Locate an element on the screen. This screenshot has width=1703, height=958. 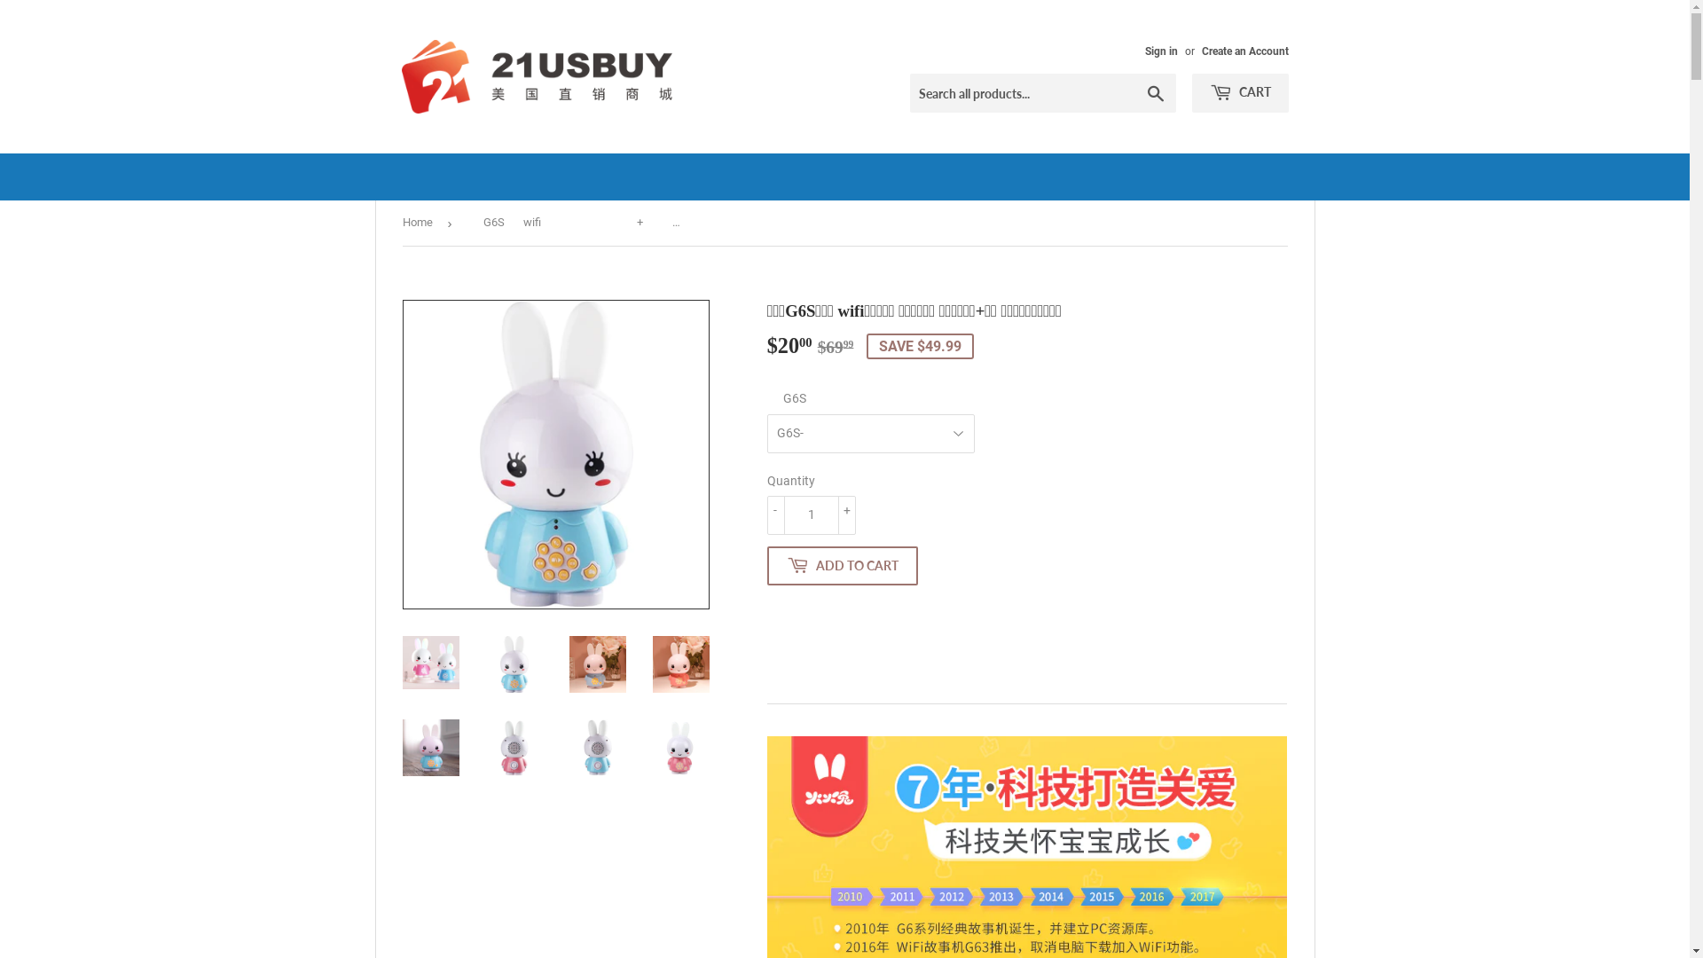
'Home' is located at coordinates (420, 222).